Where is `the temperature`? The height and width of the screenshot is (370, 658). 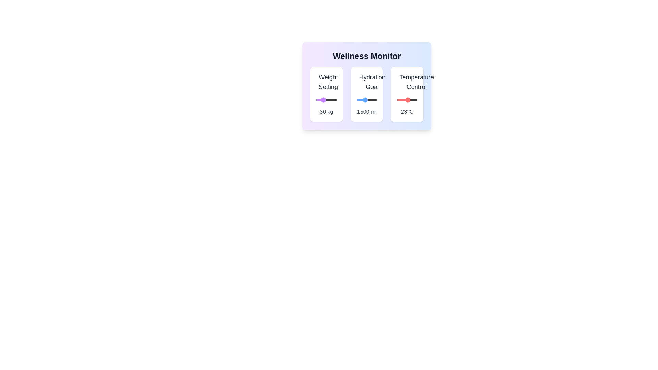 the temperature is located at coordinates (398, 100).